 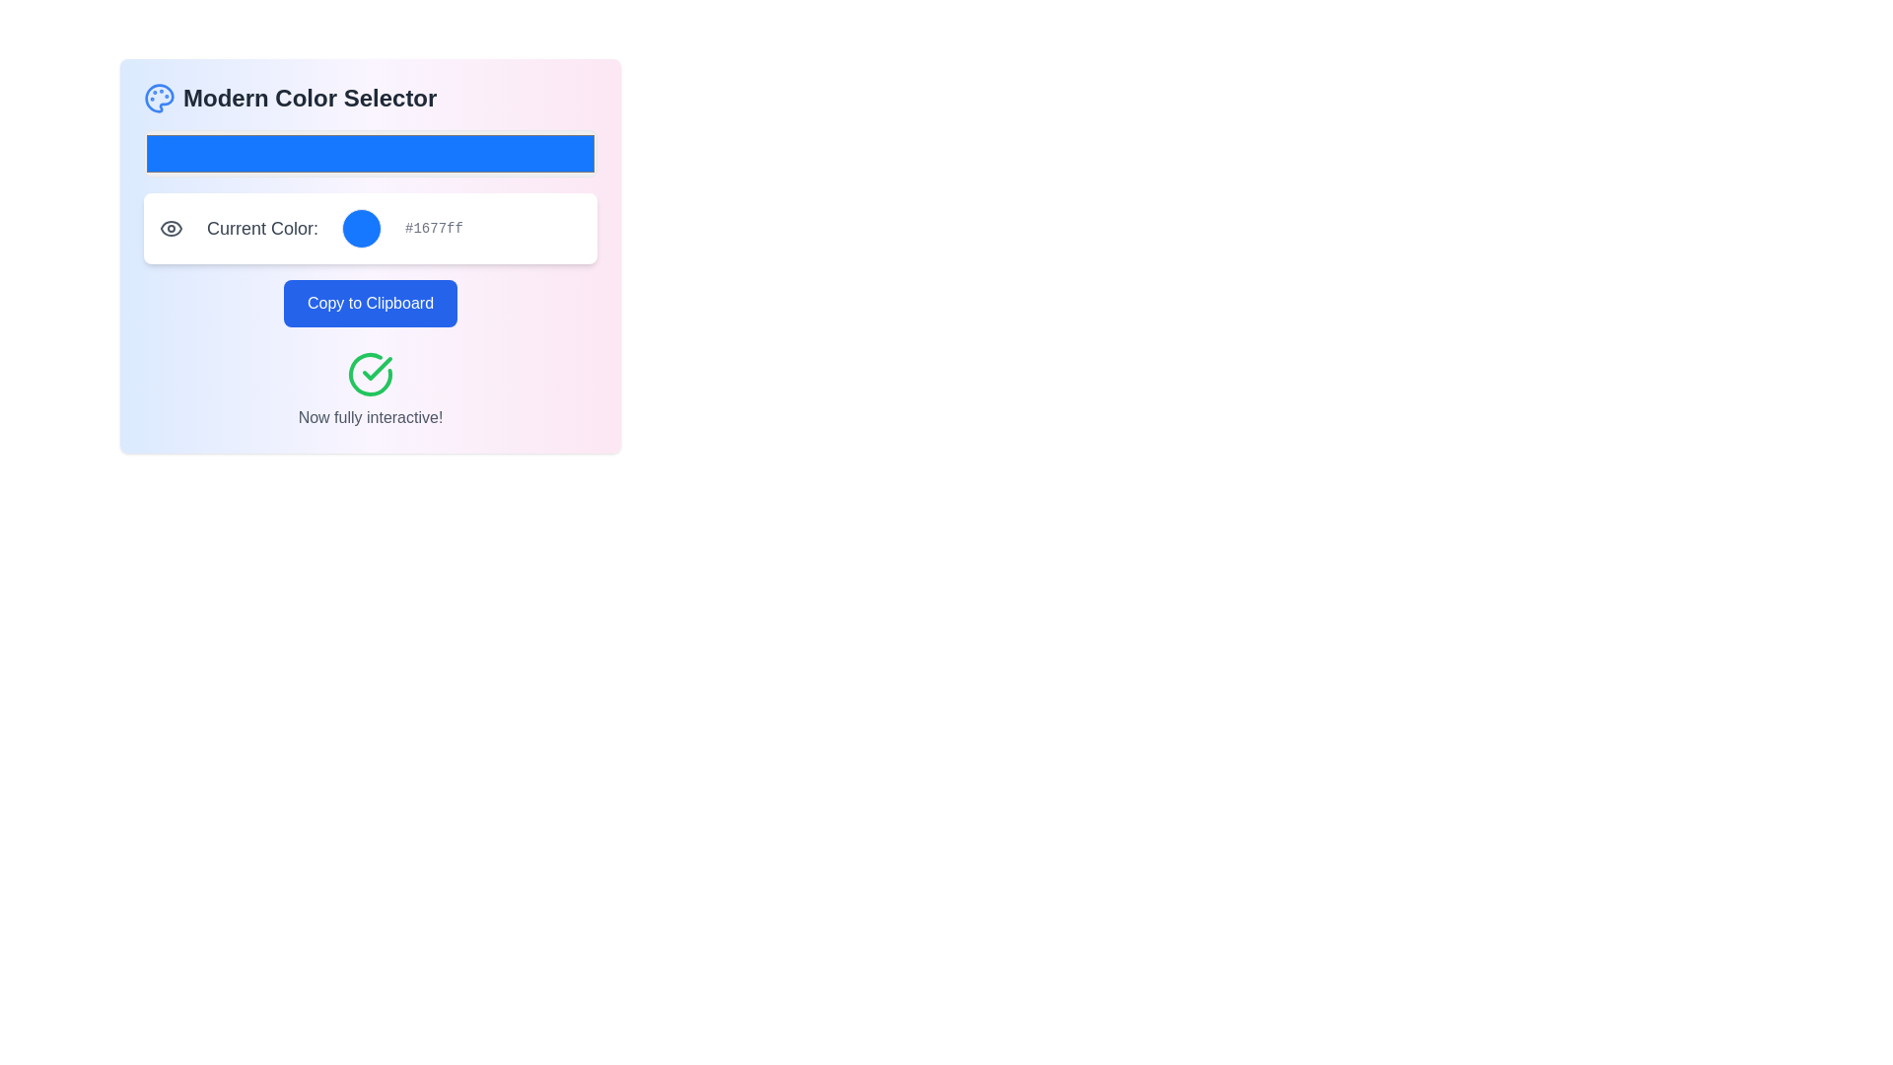 I want to click on blue palette-shaped icon located at the leftmost side of the header of the 'Modern Color Selector' panel, which aligns with the text 'Modern Color Selector', so click(x=160, y=99).